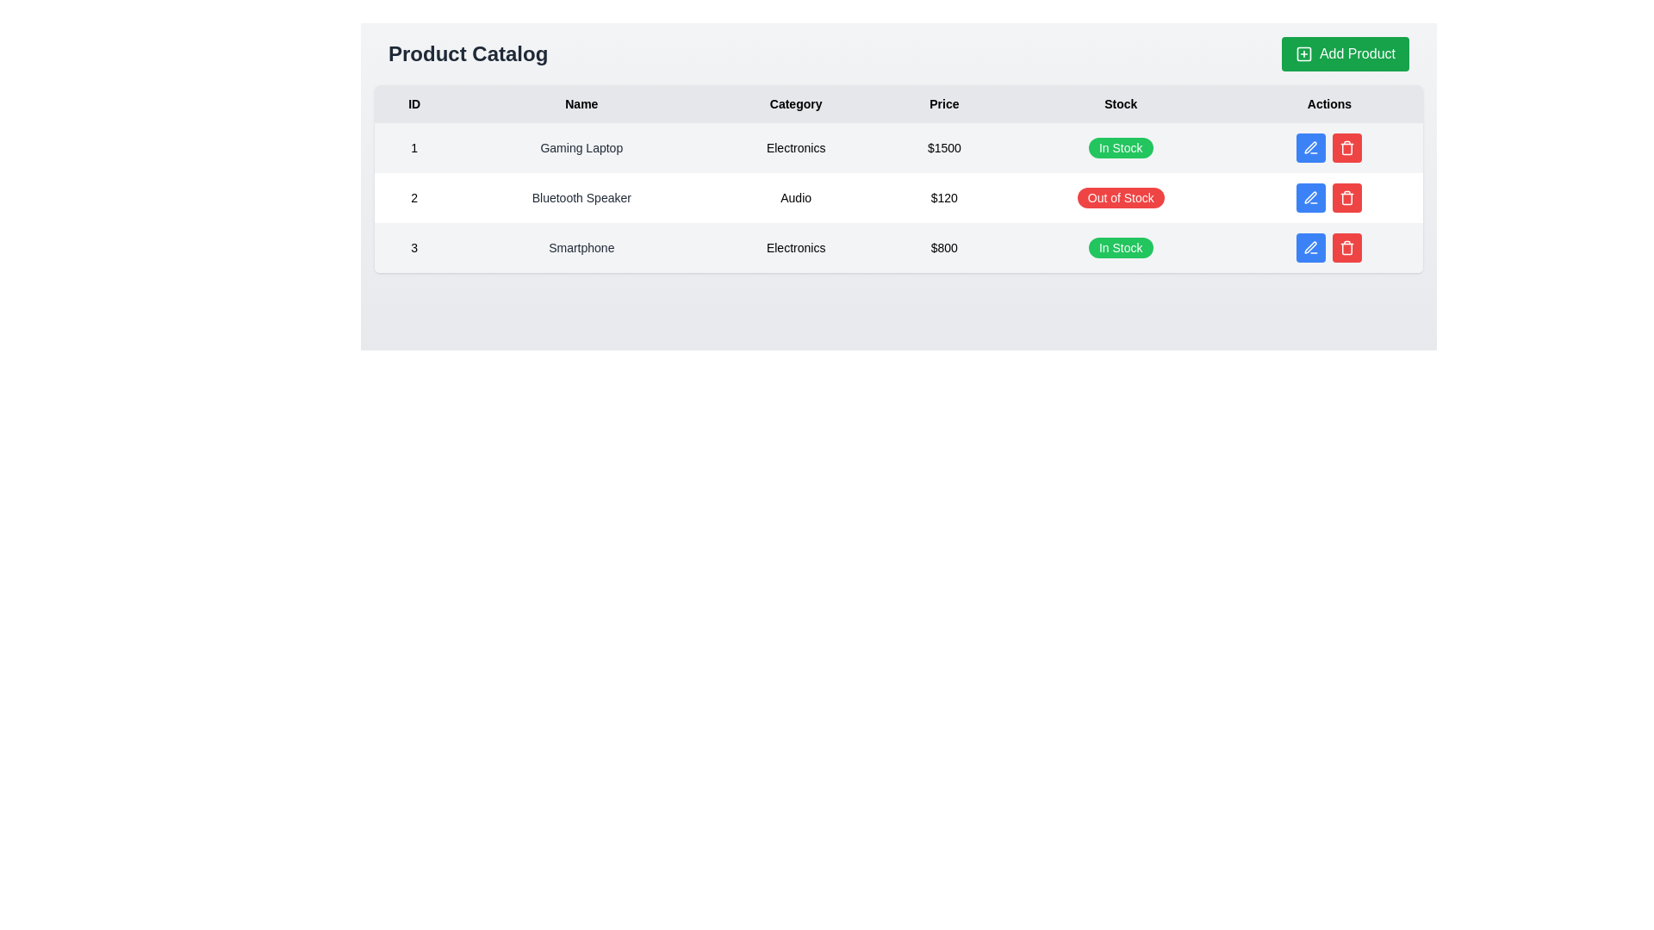 The height and width of the screenshot is (930, 1654). What do you see at coordinates (943, 197) in the screenshot?
I see `the price display text label for the 'Bluetooth Speaker' located in the fourth column of the second row of the product table` at bounding box center [943, 197].